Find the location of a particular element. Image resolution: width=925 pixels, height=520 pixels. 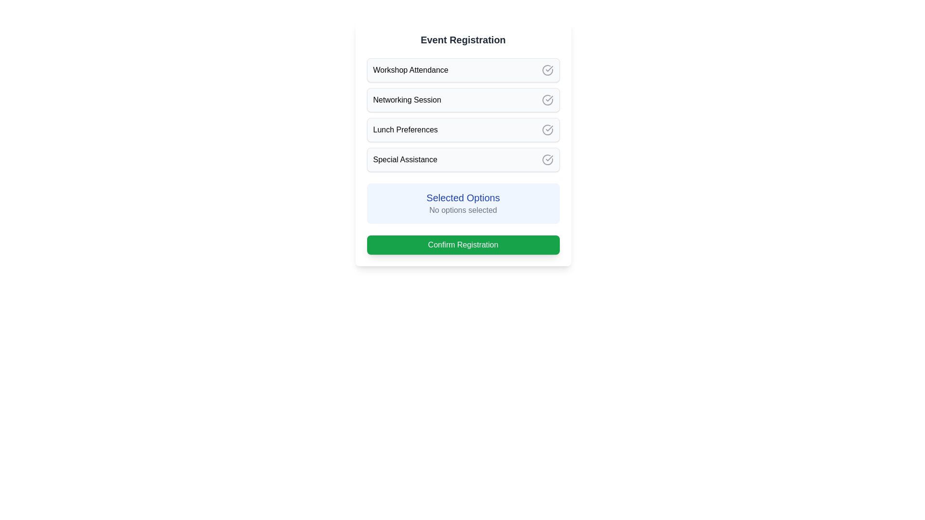

the second label in the event registration form, which describes an interactive option between 'Workshop Attendance' and 'Lunch Preferences' is located at coordinates (407, 100).